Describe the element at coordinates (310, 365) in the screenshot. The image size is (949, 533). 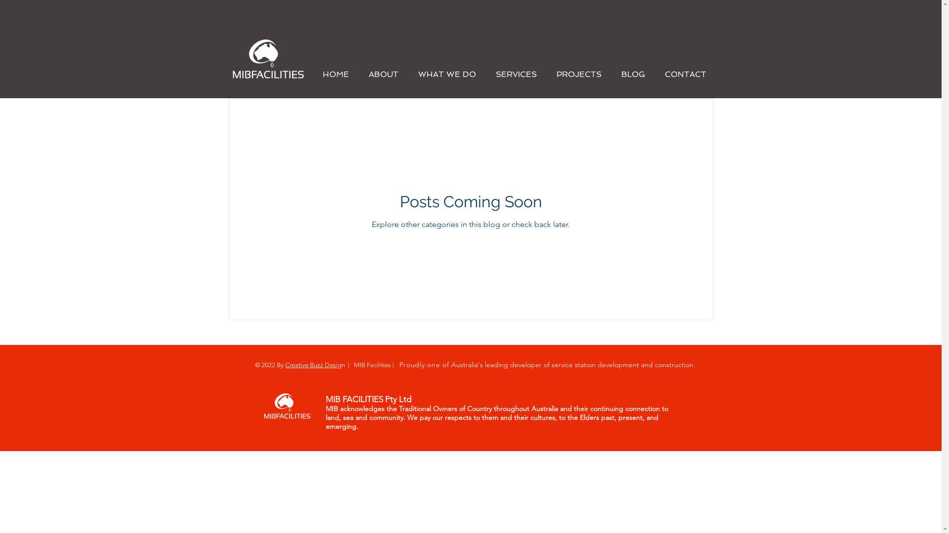
I see `'Creative Buzz Desi'` at that location.